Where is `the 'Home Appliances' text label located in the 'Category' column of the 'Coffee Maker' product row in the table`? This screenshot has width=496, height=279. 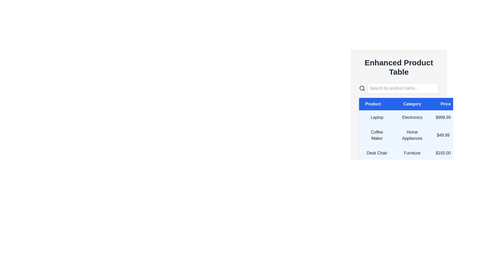
the 'Home Appliances' text label located in the 'Category' column of the 'Coffee Maker' product row in the table is located at coordinates (412, 135).